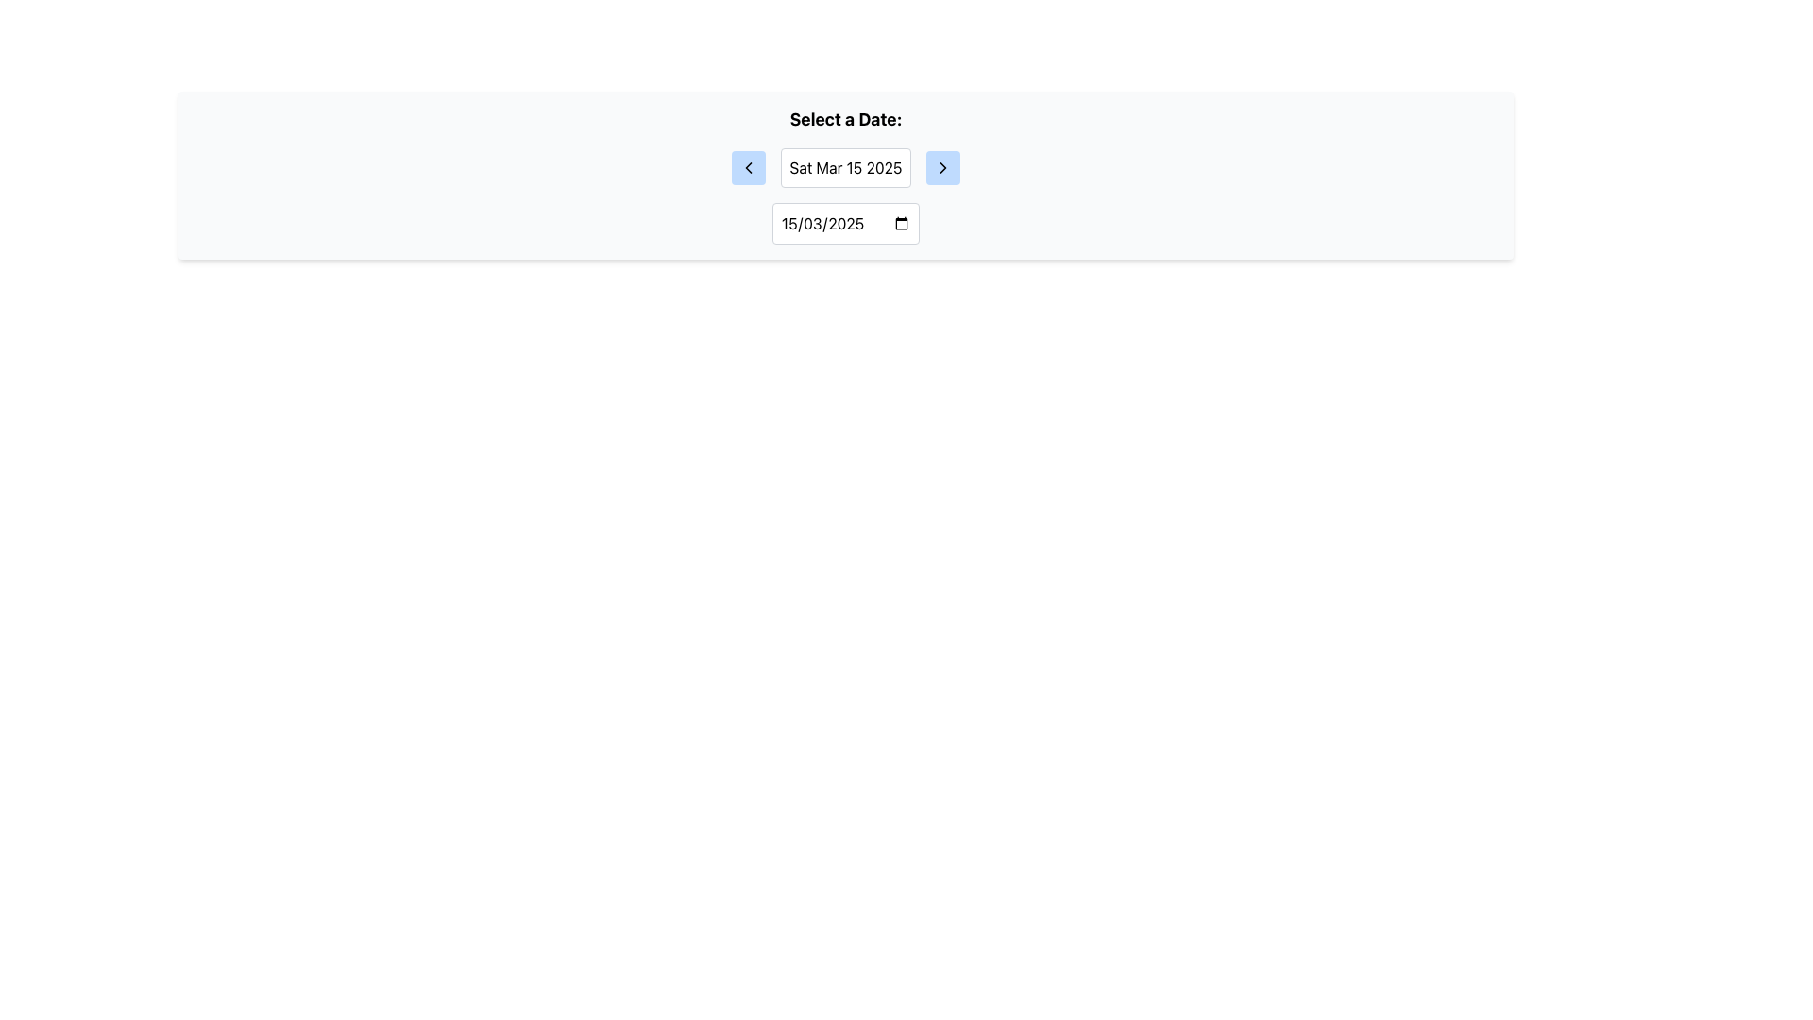 The width and height of the screenshot is (1813, 1020). Describe the element at coordinates (845, 166) in the screenshot. I see `the static text display showing 'Sat Mar 15 2025', which is centrally aligned within the navigation component and has a light background with a rounded border` at that location.